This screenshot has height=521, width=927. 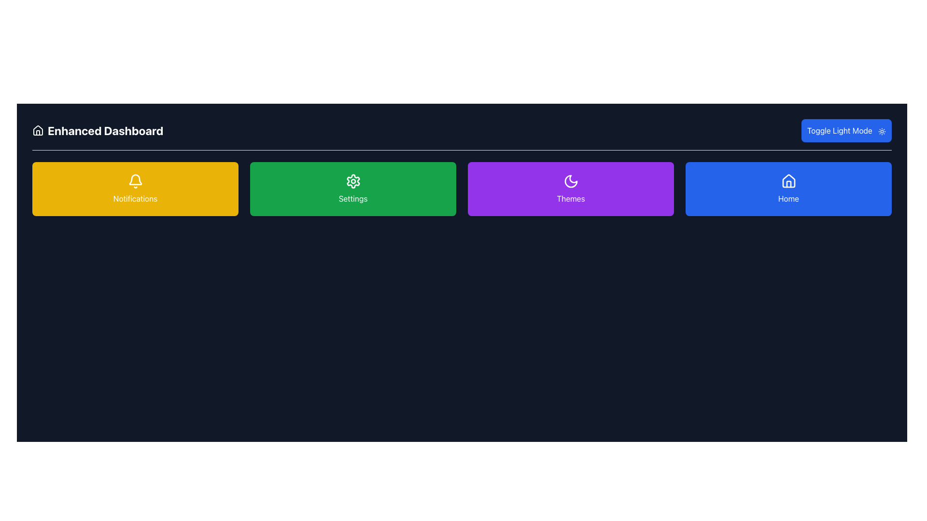 I want to click on the Notifications button, which is a yellow rectangular button with a white bell icon and the text 'Notifications' centered below it, so click(x=135, y=189).